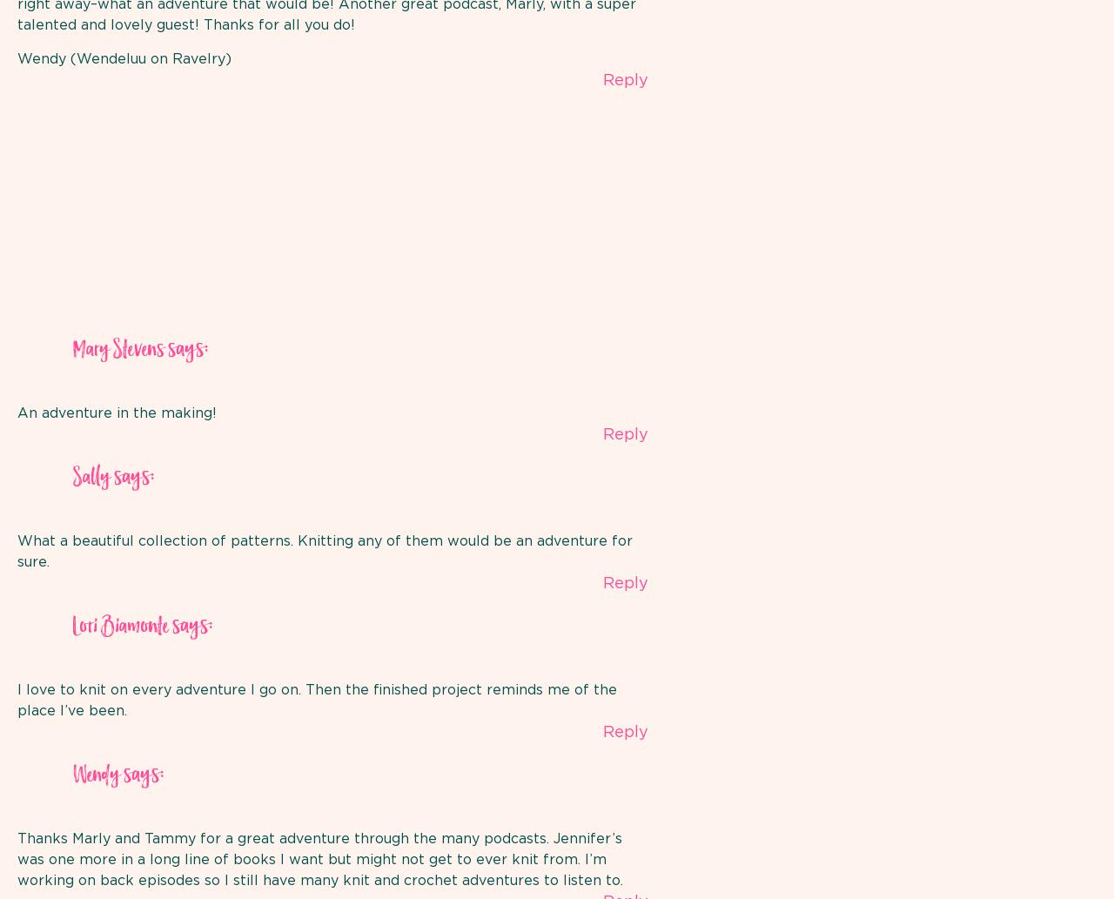 This screenshot has width=1114, height=899. I want to click on 'I love to knit on every adventure I go on. Then the finished project reminds me of the place I’ve been.', so click(317, 701).